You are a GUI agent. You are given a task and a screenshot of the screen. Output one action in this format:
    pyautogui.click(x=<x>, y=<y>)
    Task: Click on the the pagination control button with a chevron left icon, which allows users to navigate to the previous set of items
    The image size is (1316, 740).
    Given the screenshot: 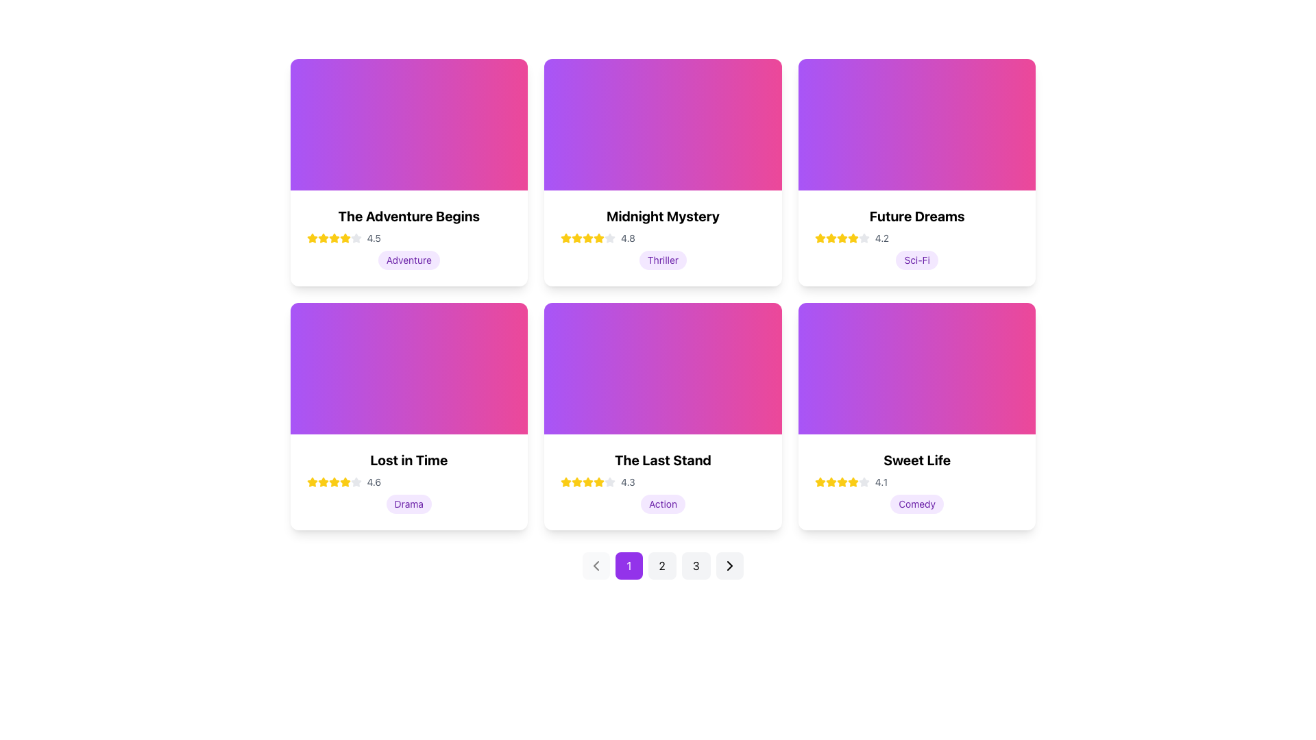 What is the action you would take?
    pyautogui.click(x=596, y=565)
    